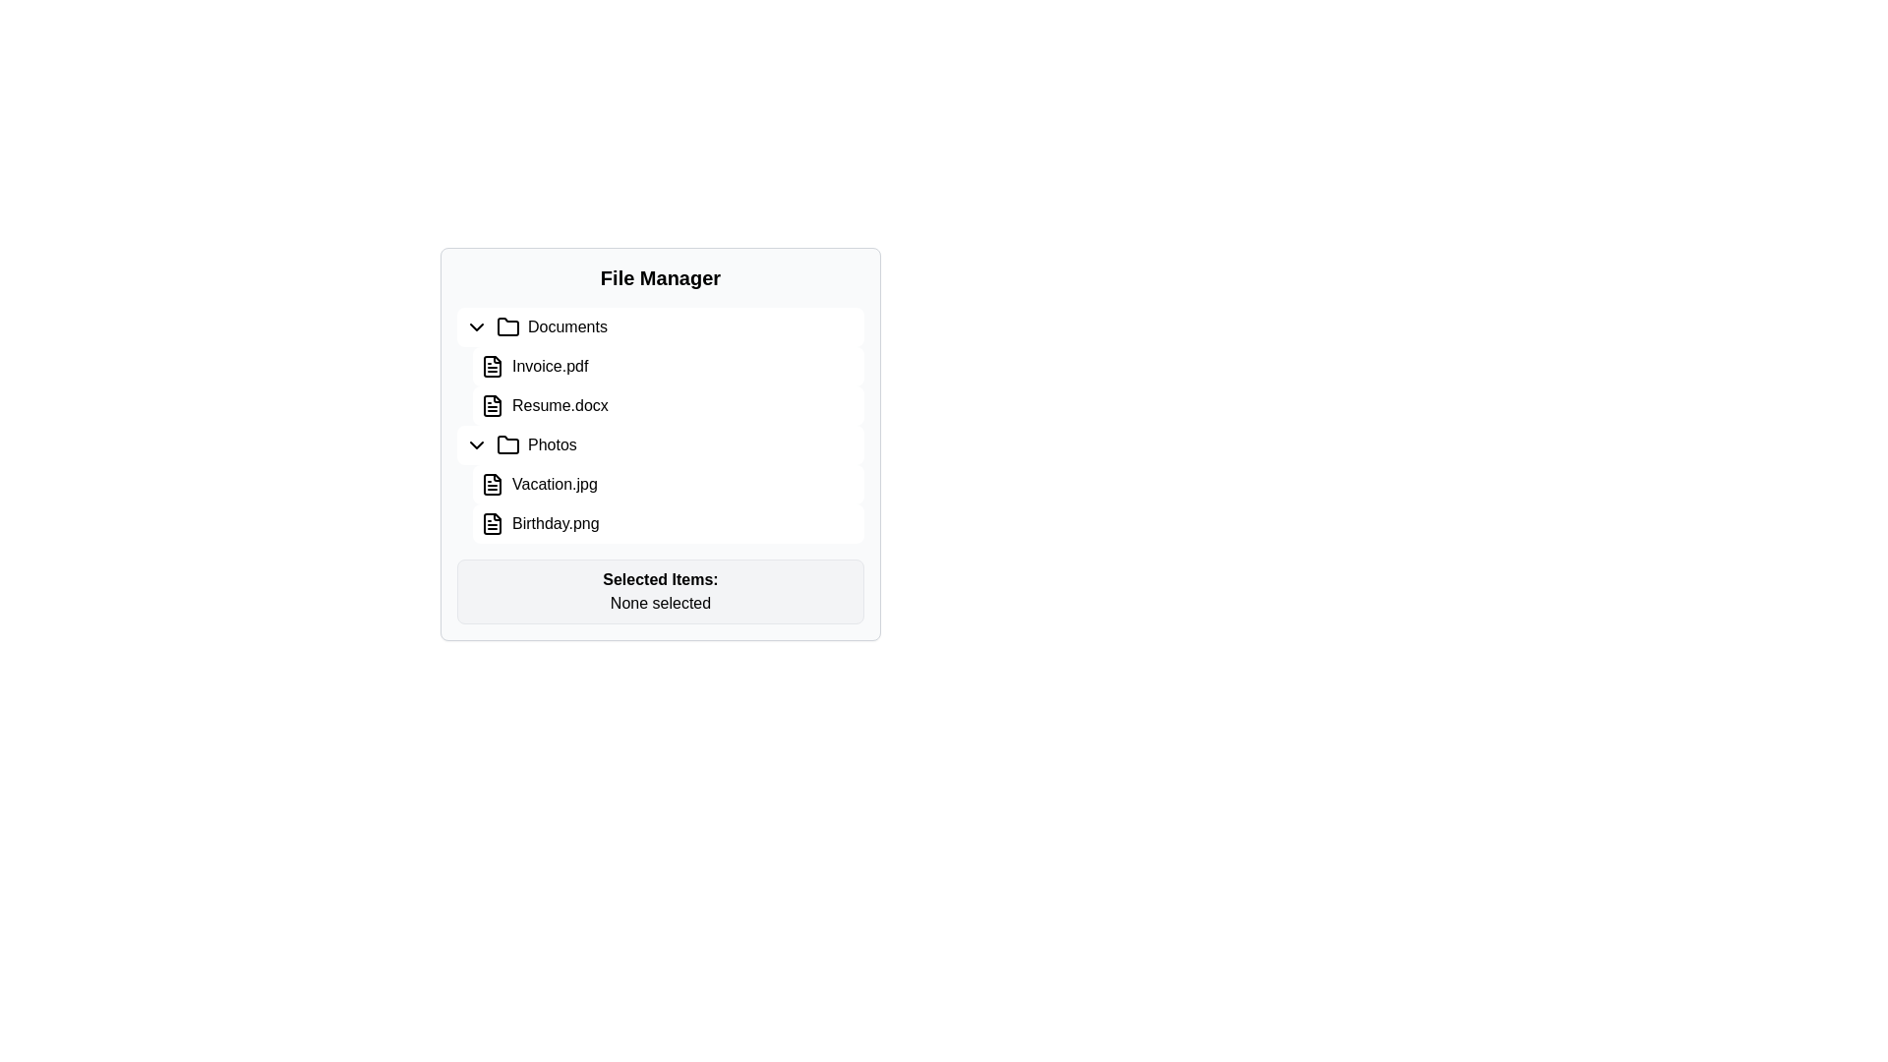 The image size is (1888, 1062). I want to click on the 'Resume.docx' file item located within the 'Documents' folder in the file manager interface, so click(661, 367).